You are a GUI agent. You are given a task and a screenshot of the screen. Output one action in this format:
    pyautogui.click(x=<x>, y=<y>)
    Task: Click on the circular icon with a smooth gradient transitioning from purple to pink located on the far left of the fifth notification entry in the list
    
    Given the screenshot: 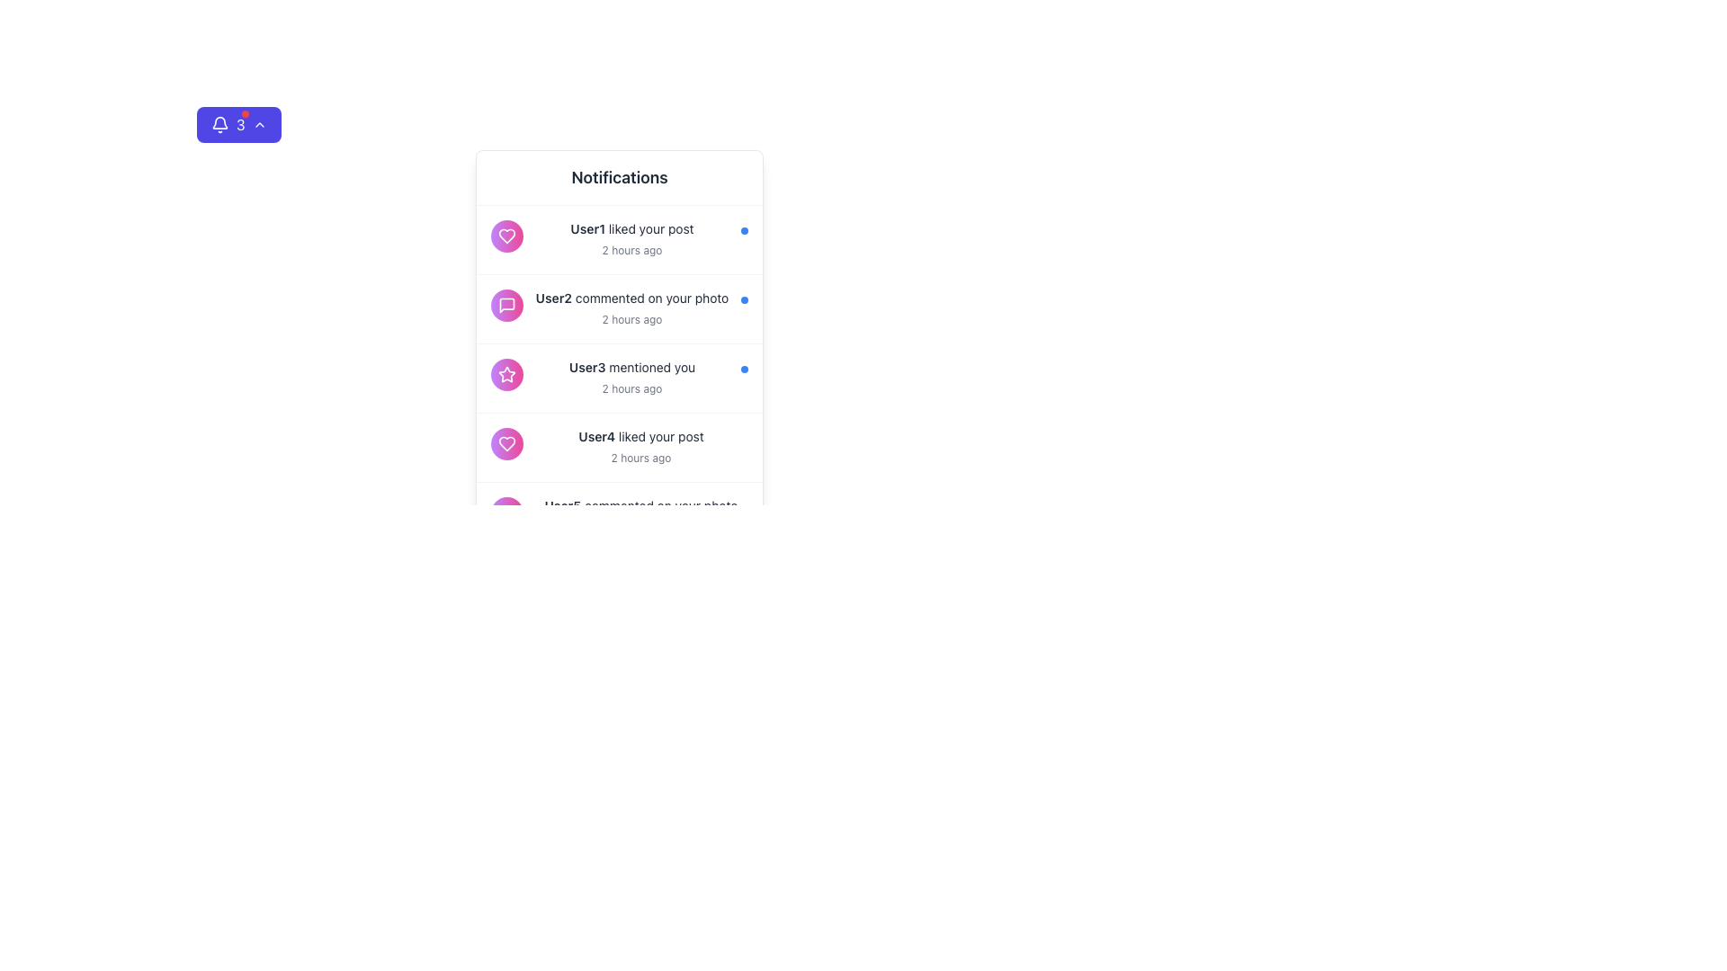 What is the action you would take?
    pyautogui.click(x=506, y=512)
    